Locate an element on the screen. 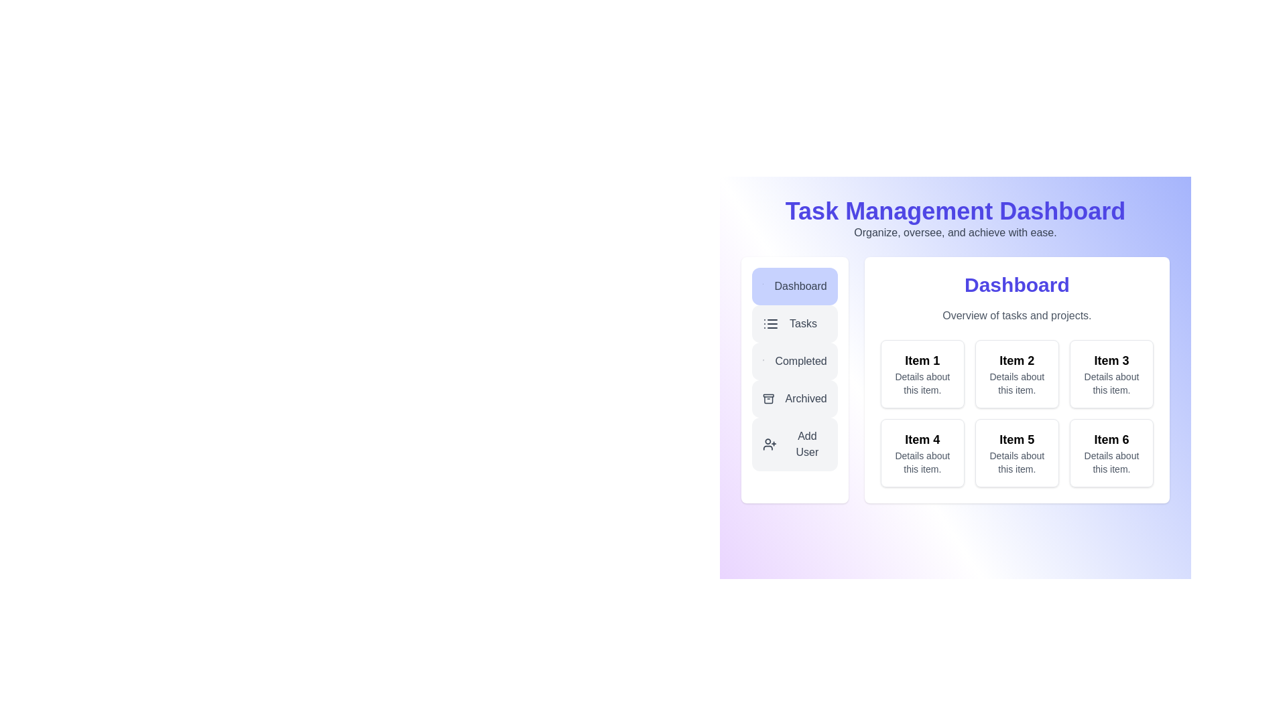 The height and width of the screenshot is (723, 1287). the Archived button in the sidebar menu to navigate to the corresponding section is located at coordinates (794, 398).